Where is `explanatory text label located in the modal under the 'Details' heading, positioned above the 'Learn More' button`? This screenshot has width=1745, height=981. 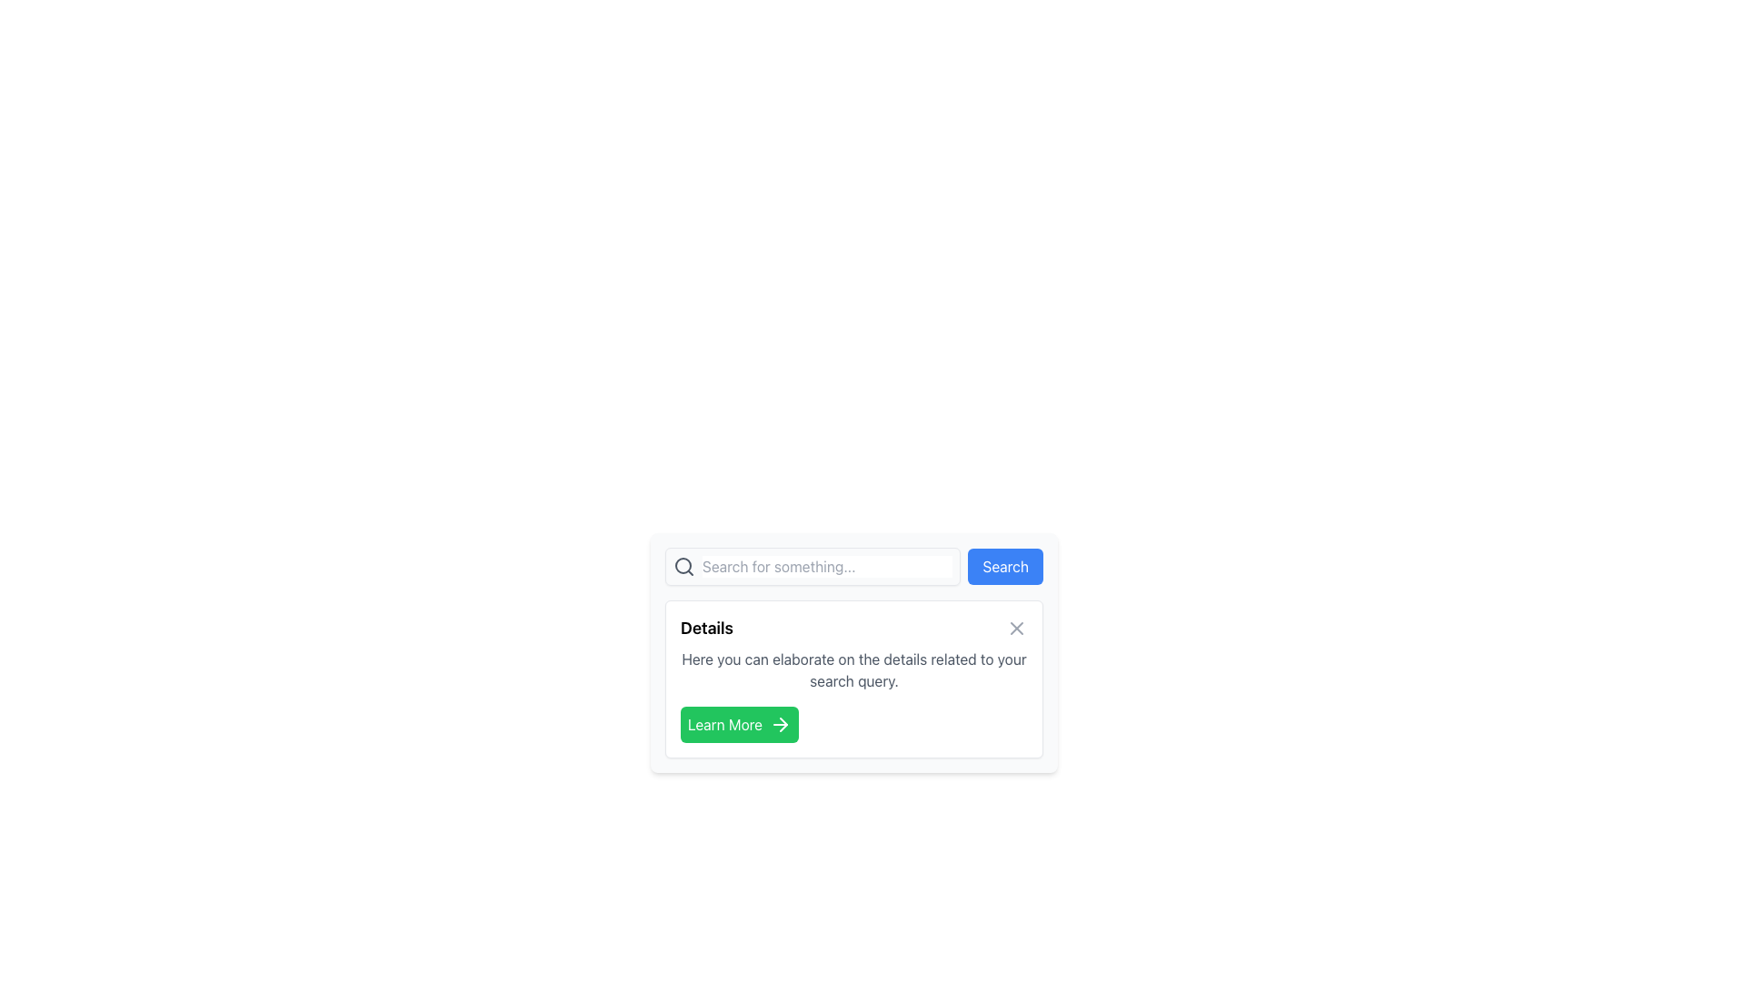 explanatory text label located in the modal under the 'Details' heading, positioned above the 'Learn More' button is located at coordinates (853, 669).